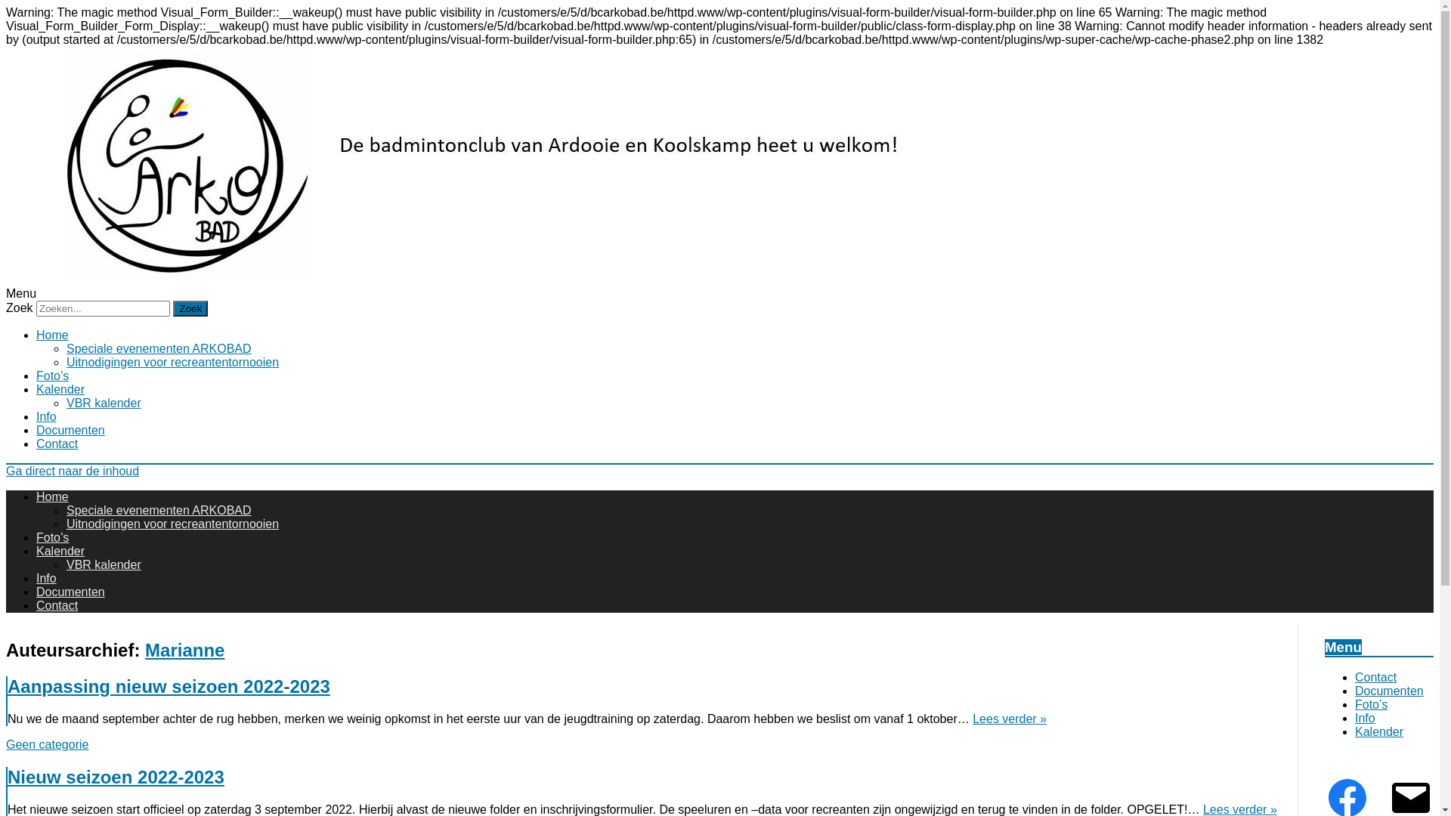  Describe the element at coordinates (6, 470) in the screenshot. I see `'Ga direct naar de inhoud'` at that location.